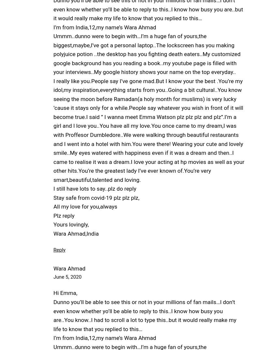  Describe the element at coordinates (53, 233) in the screenshot. I see `'Wara Ahmad,India'` at that location.